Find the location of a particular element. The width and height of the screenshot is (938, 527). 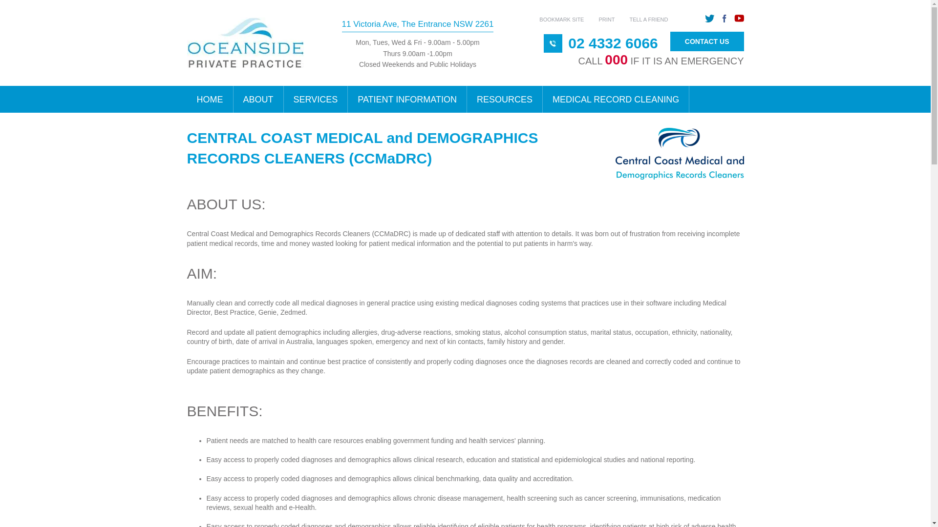

'PATIENT INFORMATION' is located at coordinates (347, 99).